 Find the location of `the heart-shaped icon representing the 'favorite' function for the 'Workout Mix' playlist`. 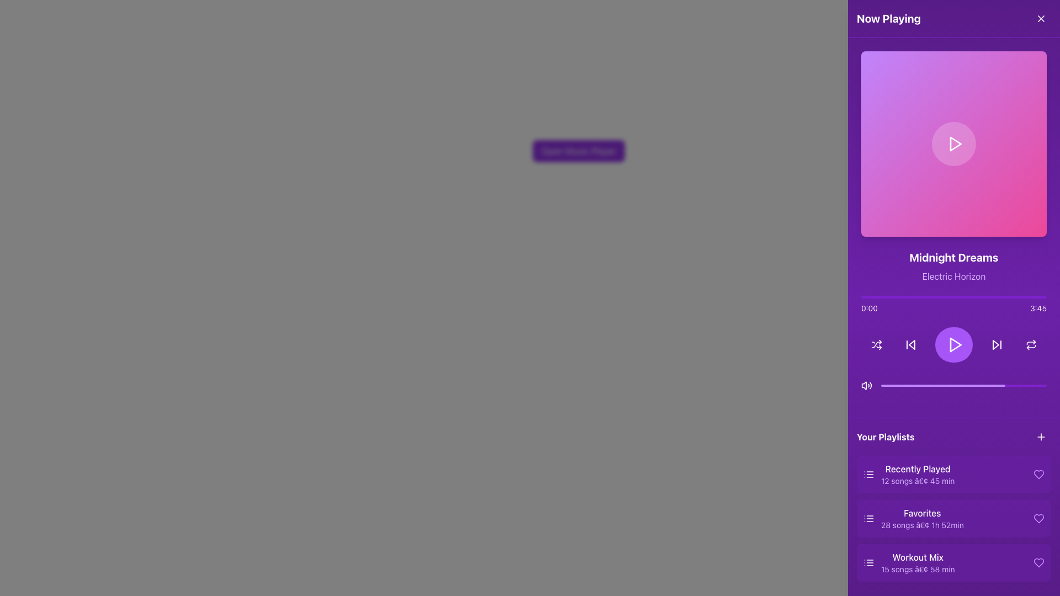

the heart-shaped icon representing the 'favorite' function for the 'Workout Mix' playlist is located at coordinates (1038, 562).